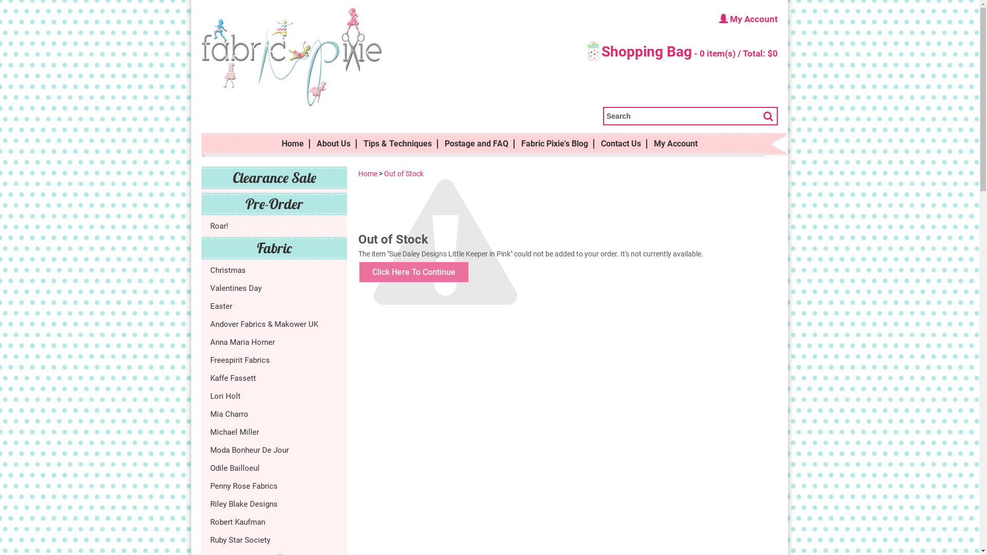 This screenshot has width=987, height=555. I want to click on 'Valentines Day', so click(209, 287).